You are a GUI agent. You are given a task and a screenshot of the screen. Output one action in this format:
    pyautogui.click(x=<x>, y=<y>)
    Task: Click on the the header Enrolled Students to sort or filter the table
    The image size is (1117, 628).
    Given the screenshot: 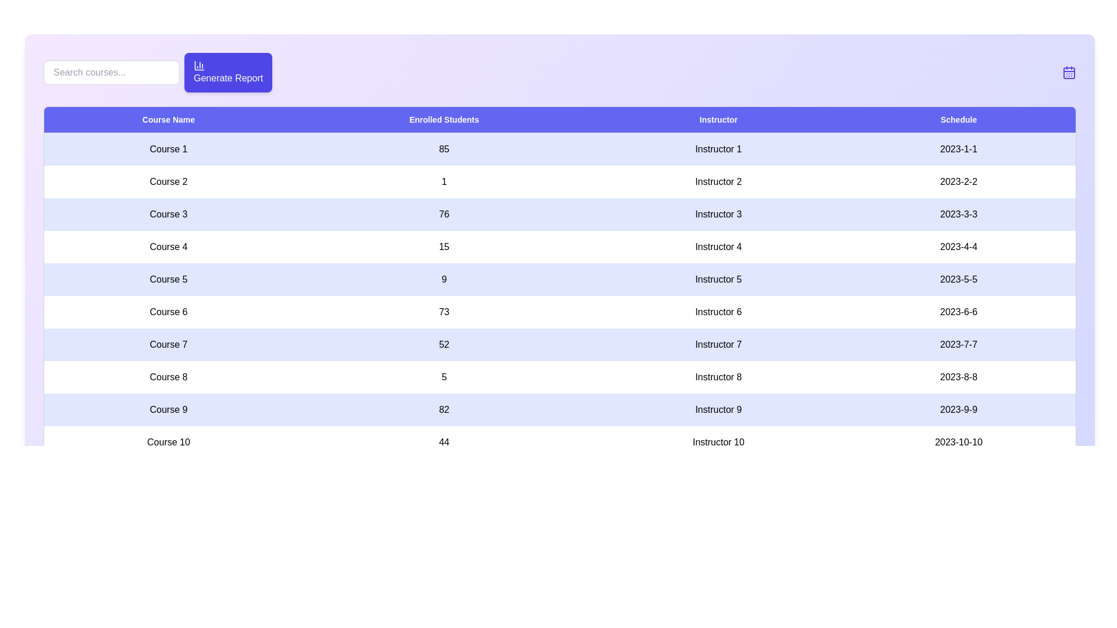 What is the action you would take?
    pyautogui.click(x=443, y=120)
    